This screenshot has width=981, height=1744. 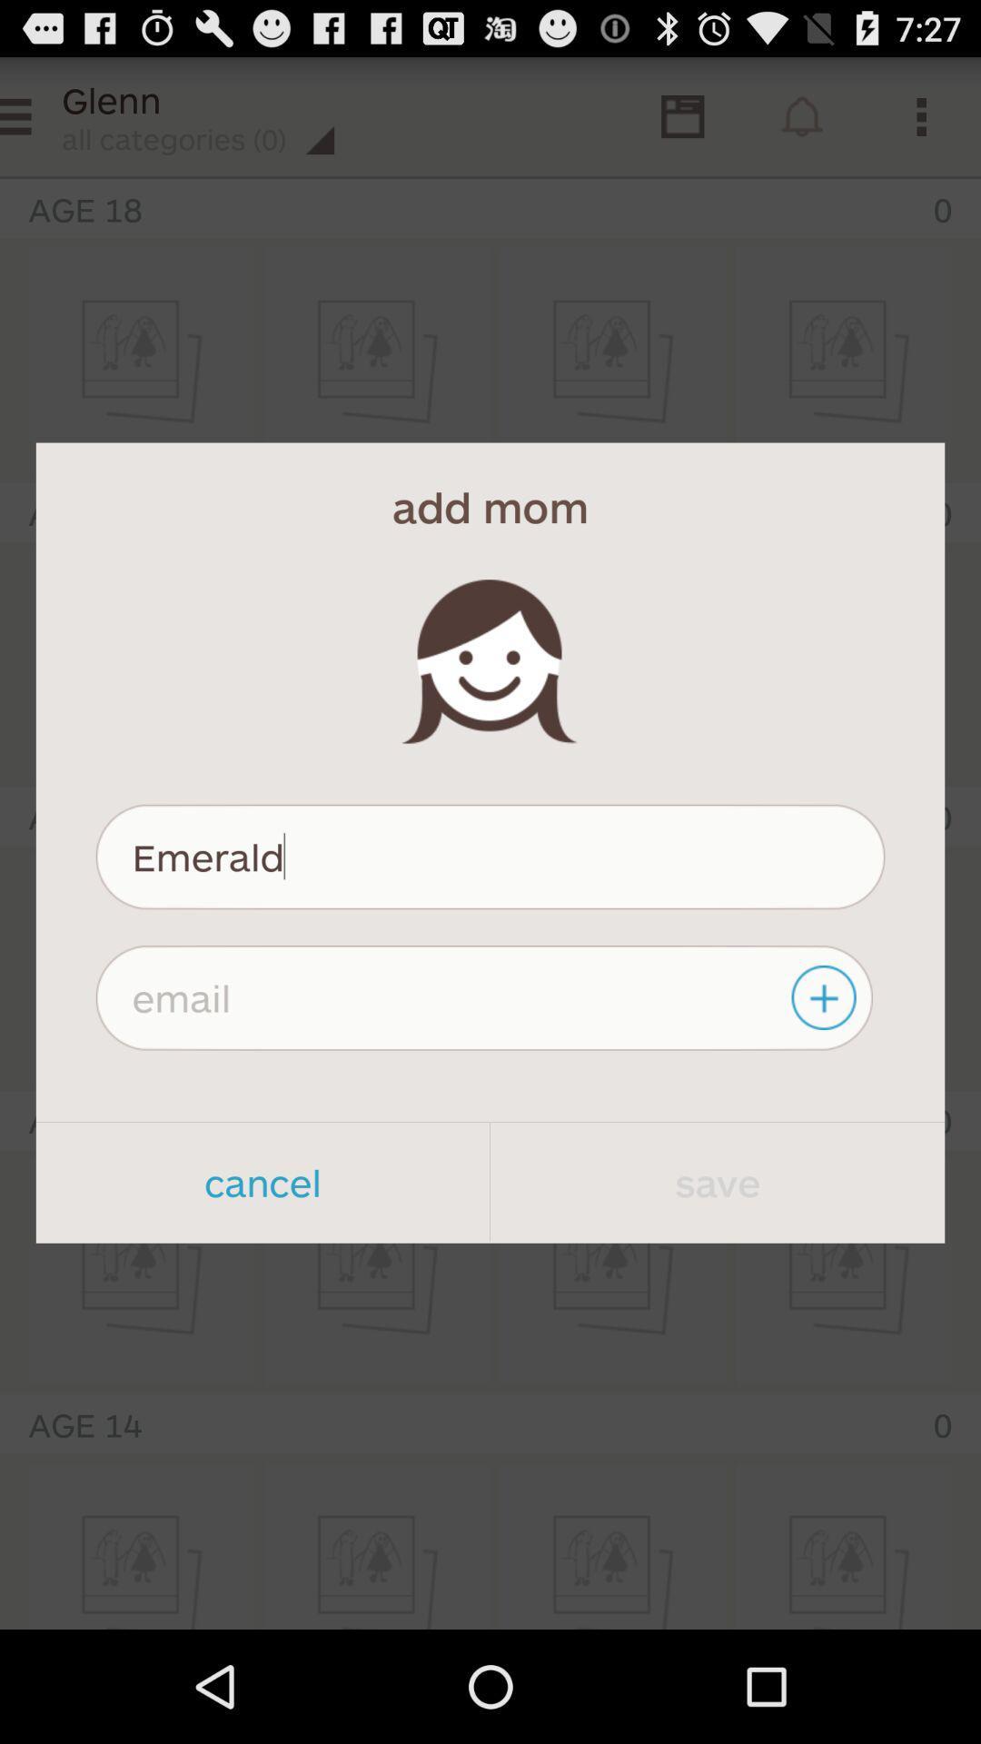 What do you see at coordinates (490, 856) in the screenshot?
I see `emerald icon` at bounding box center [490, 856].